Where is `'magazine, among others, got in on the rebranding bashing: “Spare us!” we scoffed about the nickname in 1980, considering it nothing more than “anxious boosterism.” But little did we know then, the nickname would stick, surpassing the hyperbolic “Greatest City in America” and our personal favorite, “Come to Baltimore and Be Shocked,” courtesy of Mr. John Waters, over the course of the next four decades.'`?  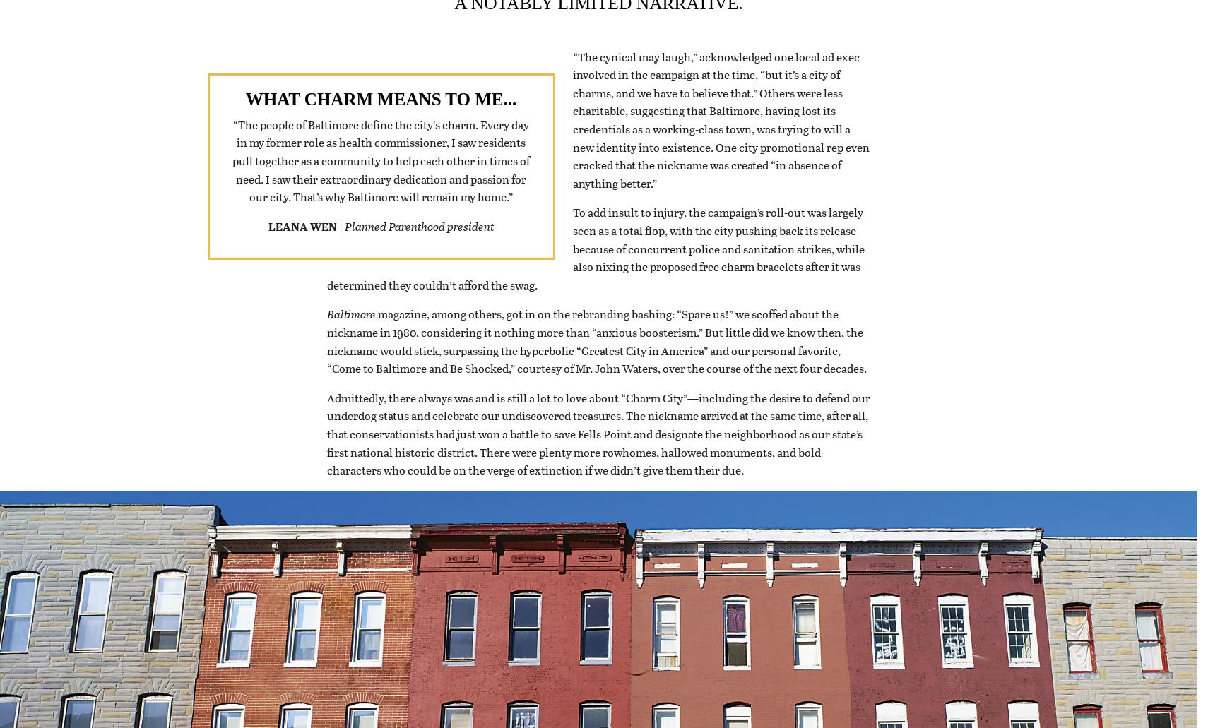
'magazine, among others, got in on the rebranding bashing: “Spare us!” we scoffed about the nickname in 1980, considering it nothing more than “anxious boosterism.” But little did we know then, the nickname would stick, surpassing the hyperbolic “Greatest City in America” and our personal favorite, “Come to Baltimore and Be Shocked,” courtesy of Mr. John Waters, over the course of the next four decades.' is located at coordinates (596, 359).